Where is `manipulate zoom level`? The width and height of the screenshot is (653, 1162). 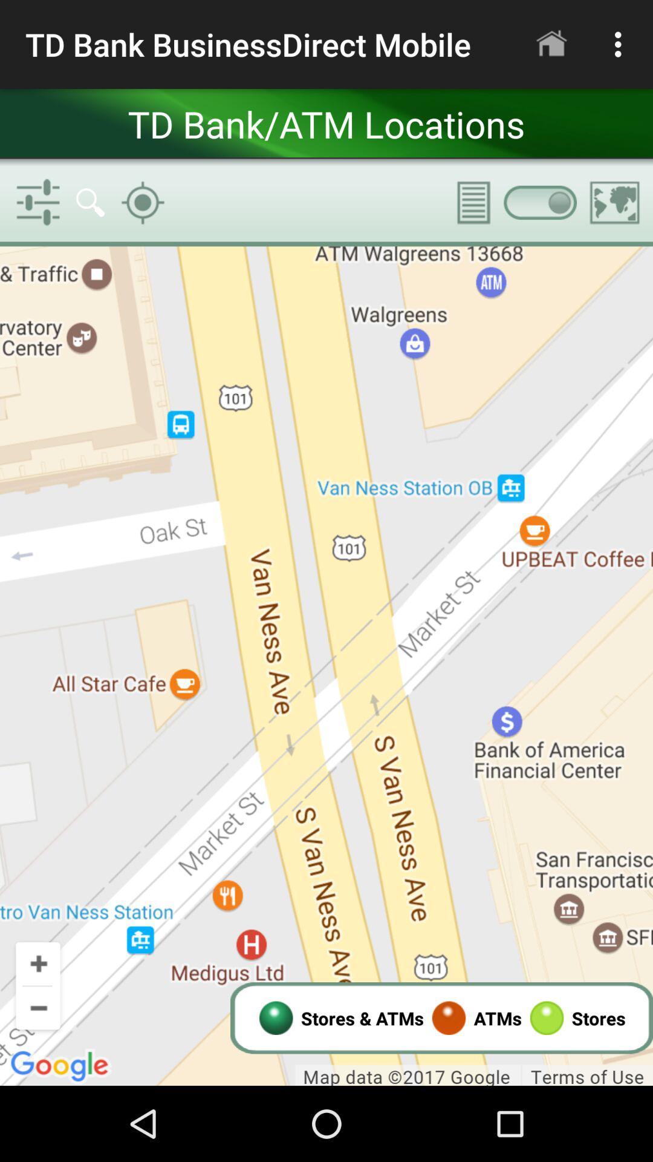
manipulate zoom level is located at coordinates (326, 665).